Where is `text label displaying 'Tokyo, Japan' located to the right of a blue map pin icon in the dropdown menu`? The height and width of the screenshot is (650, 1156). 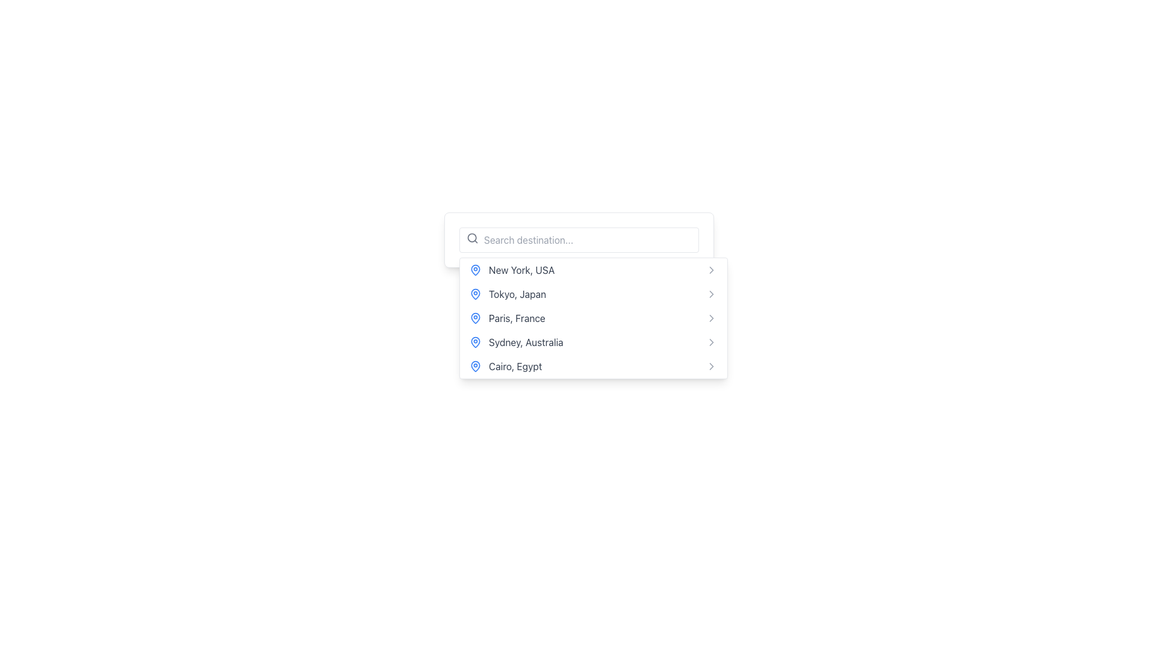 text label displaying 'Tokyo, Japan' located to the right of a blue map pin icon in the dropdown menu is located at coordinates (517, 294).